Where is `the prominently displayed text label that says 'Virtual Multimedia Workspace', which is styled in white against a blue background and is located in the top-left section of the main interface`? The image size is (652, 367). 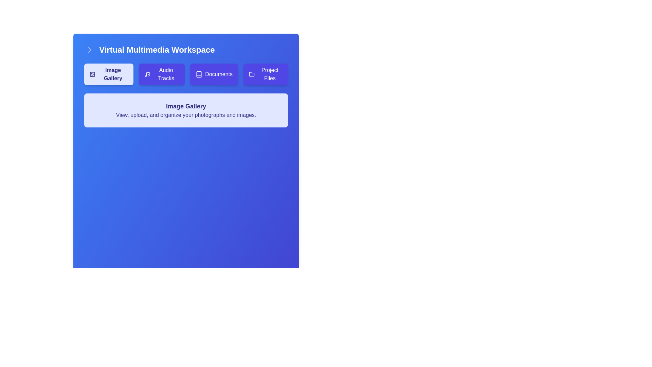
the prominently displayed text label that says 'Virtual Multimedia Workspace', which is styled in white against a blue background and is located in the top-left section of the main interface is located at coordinates (157, 49).